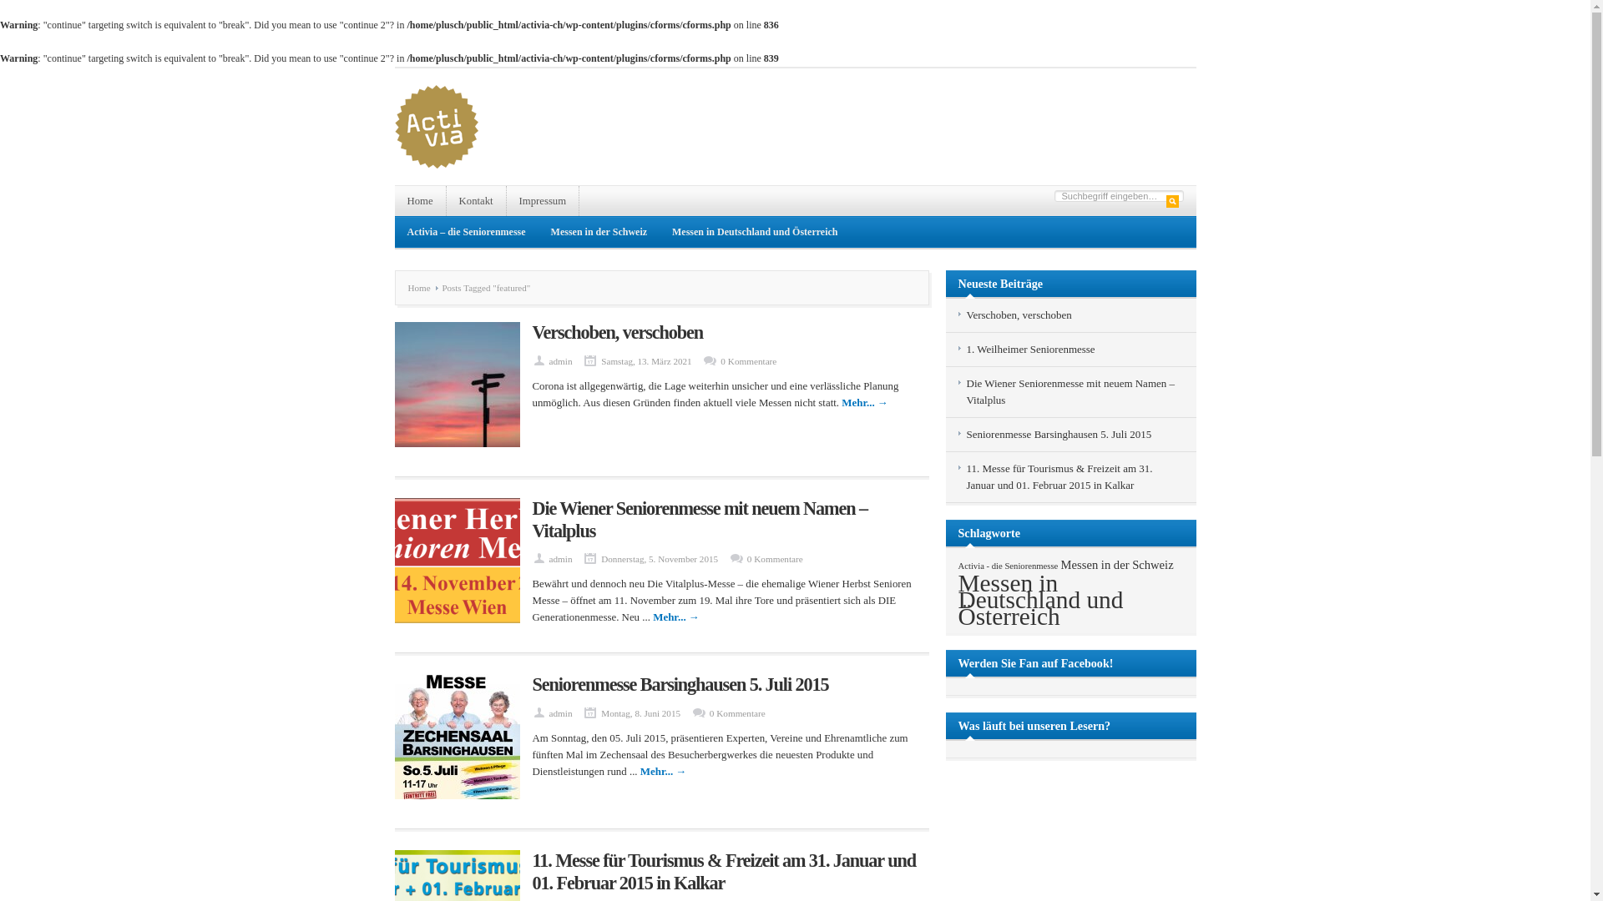 This screenshot has width=1603, height=901. What do you see at coordinates (446, 199) in the screenshot?
I see `'Kontakt'` at bounding box center [446, 199].